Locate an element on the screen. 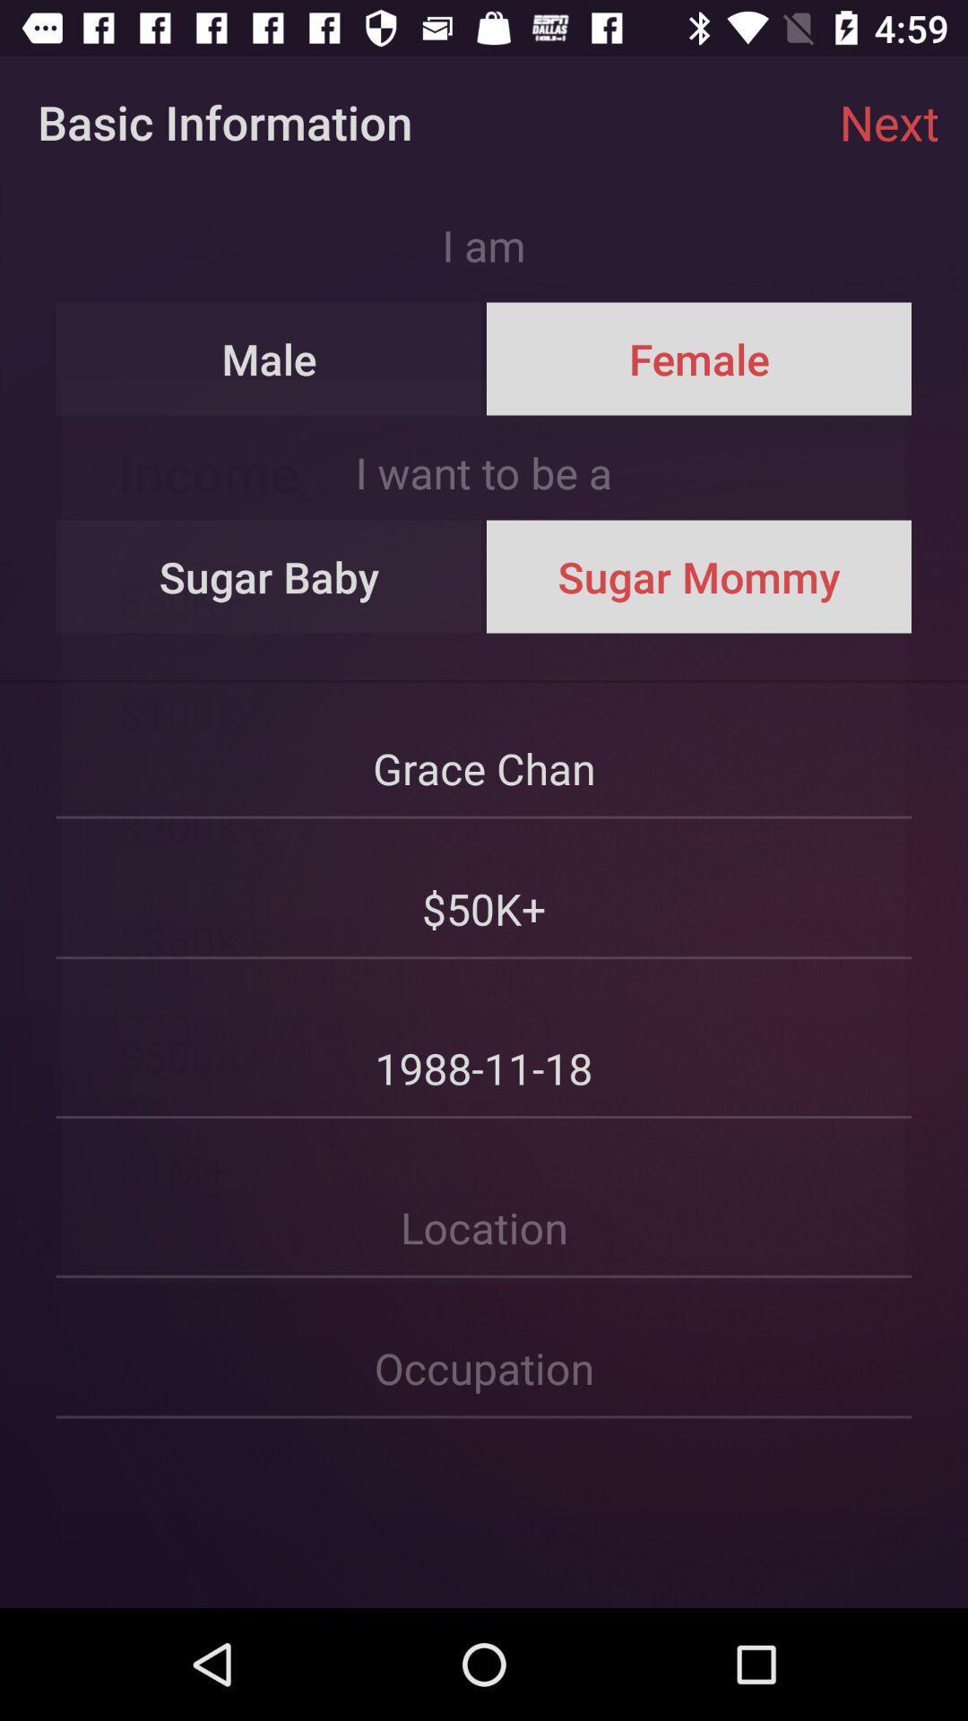 The image size is (968, 1721). $50k+ icon is located at coordinates (484, 890).